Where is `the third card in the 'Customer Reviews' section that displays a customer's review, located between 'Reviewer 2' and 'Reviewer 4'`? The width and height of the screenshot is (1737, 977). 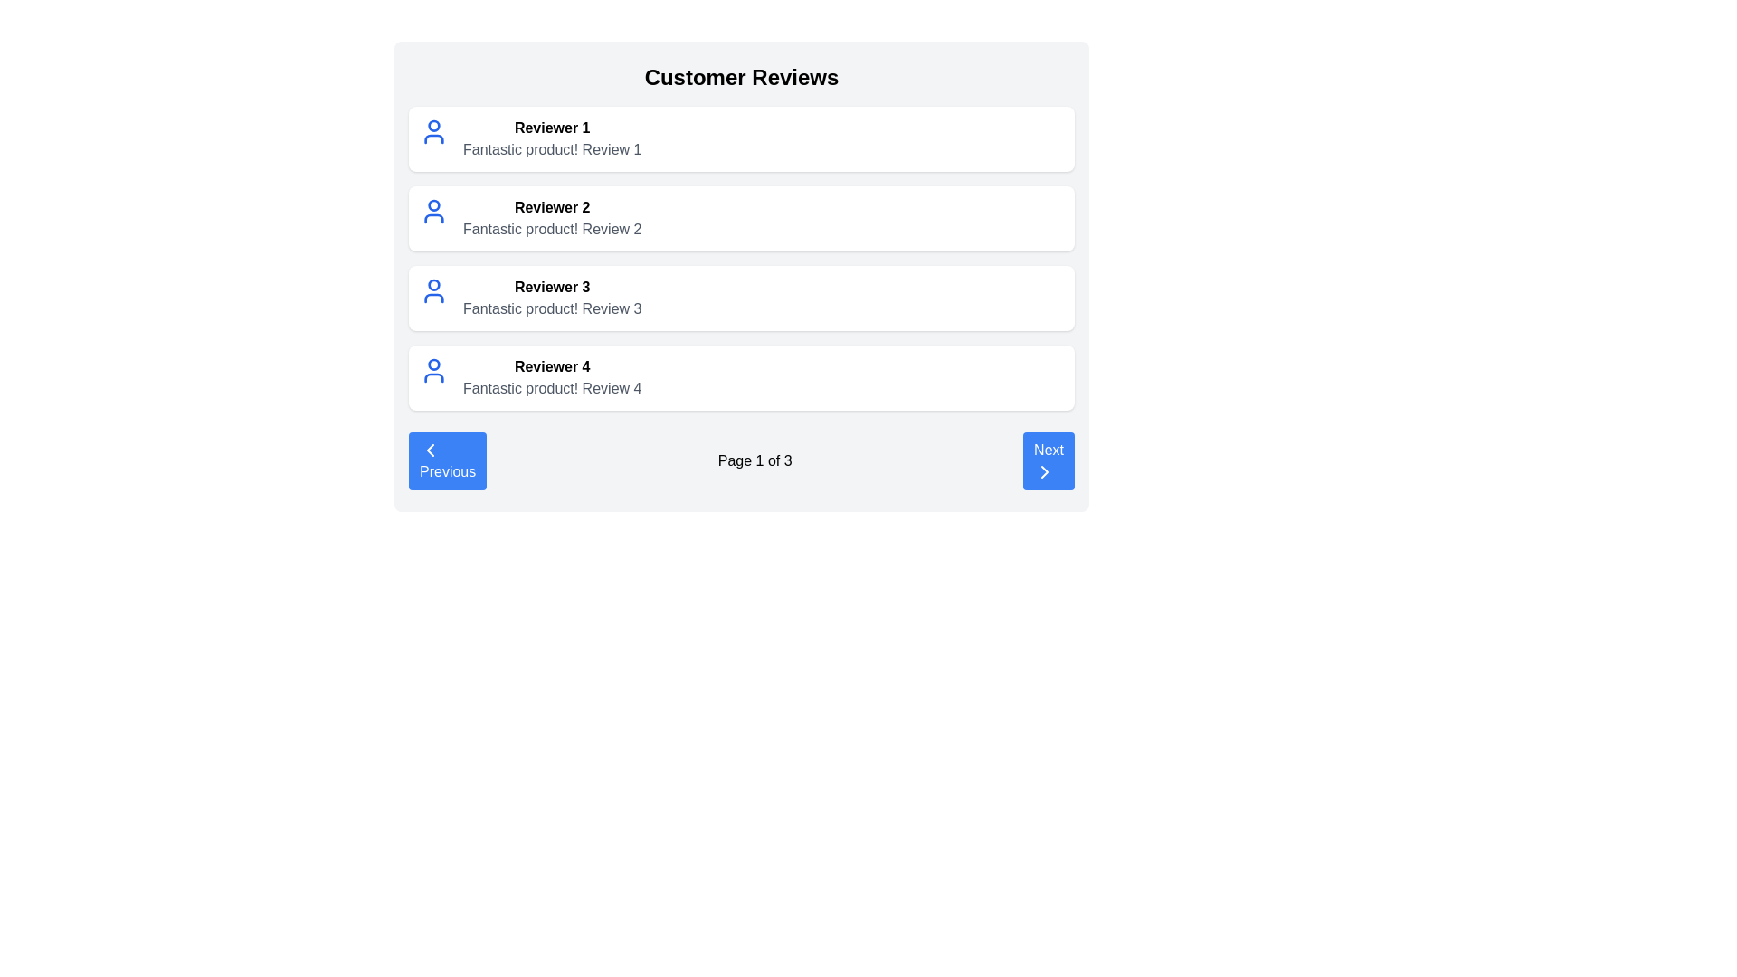 the third card in the 'Customer Reviews' section that displays a customer's review, located between 'Reviewer 2' and 'Reviewer 4' is located at coordinates (742, 298).